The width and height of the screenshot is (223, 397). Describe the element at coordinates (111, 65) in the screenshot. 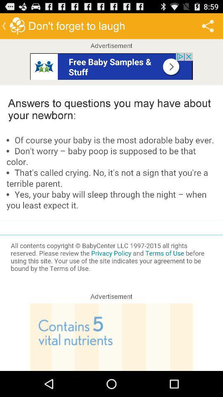

I see `advertisement space` at that location.